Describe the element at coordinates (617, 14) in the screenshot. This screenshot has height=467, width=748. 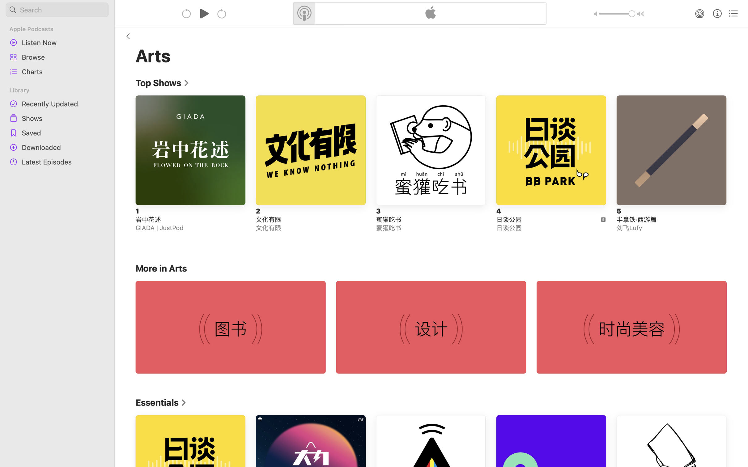
I see `'1.0'` at that location.